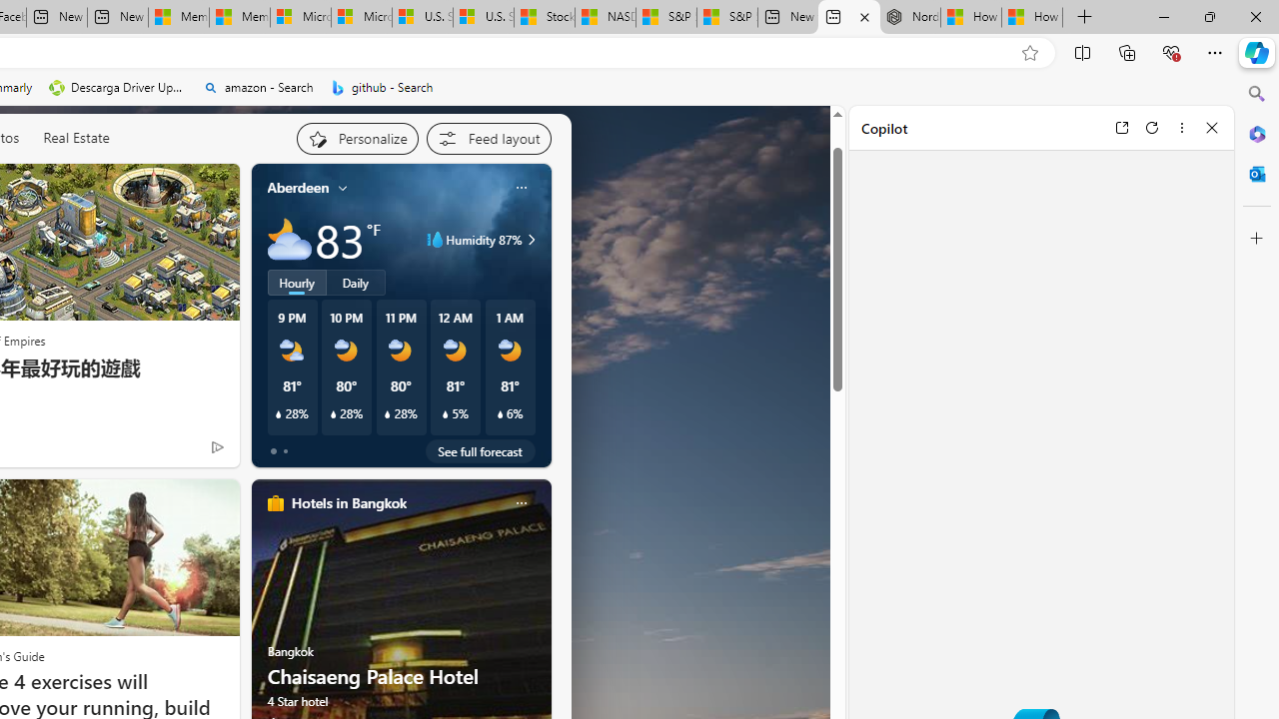 This screenshot has width=1279, height=719. Describe the element at coordinates (382, 87) in the screenshot. I see `'github - Search'` at that location.